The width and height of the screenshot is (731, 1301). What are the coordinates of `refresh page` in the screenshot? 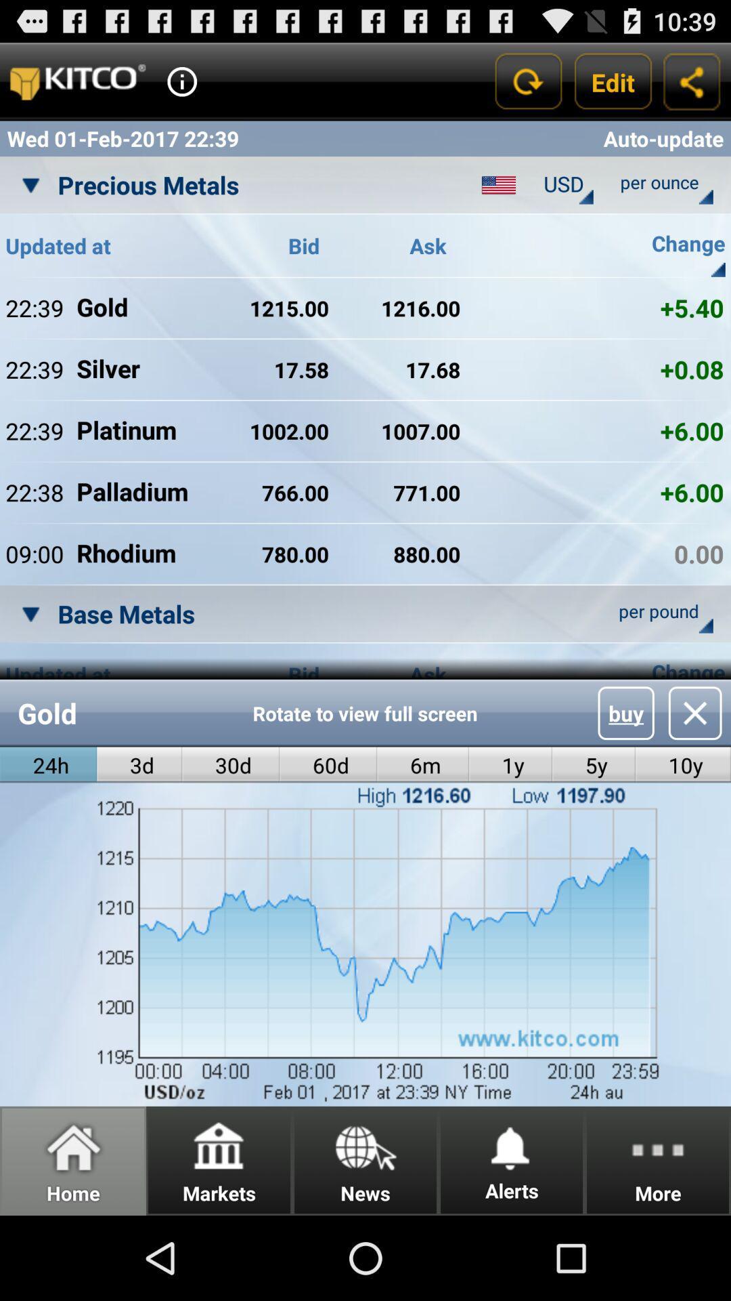 It's located at (527, 81).